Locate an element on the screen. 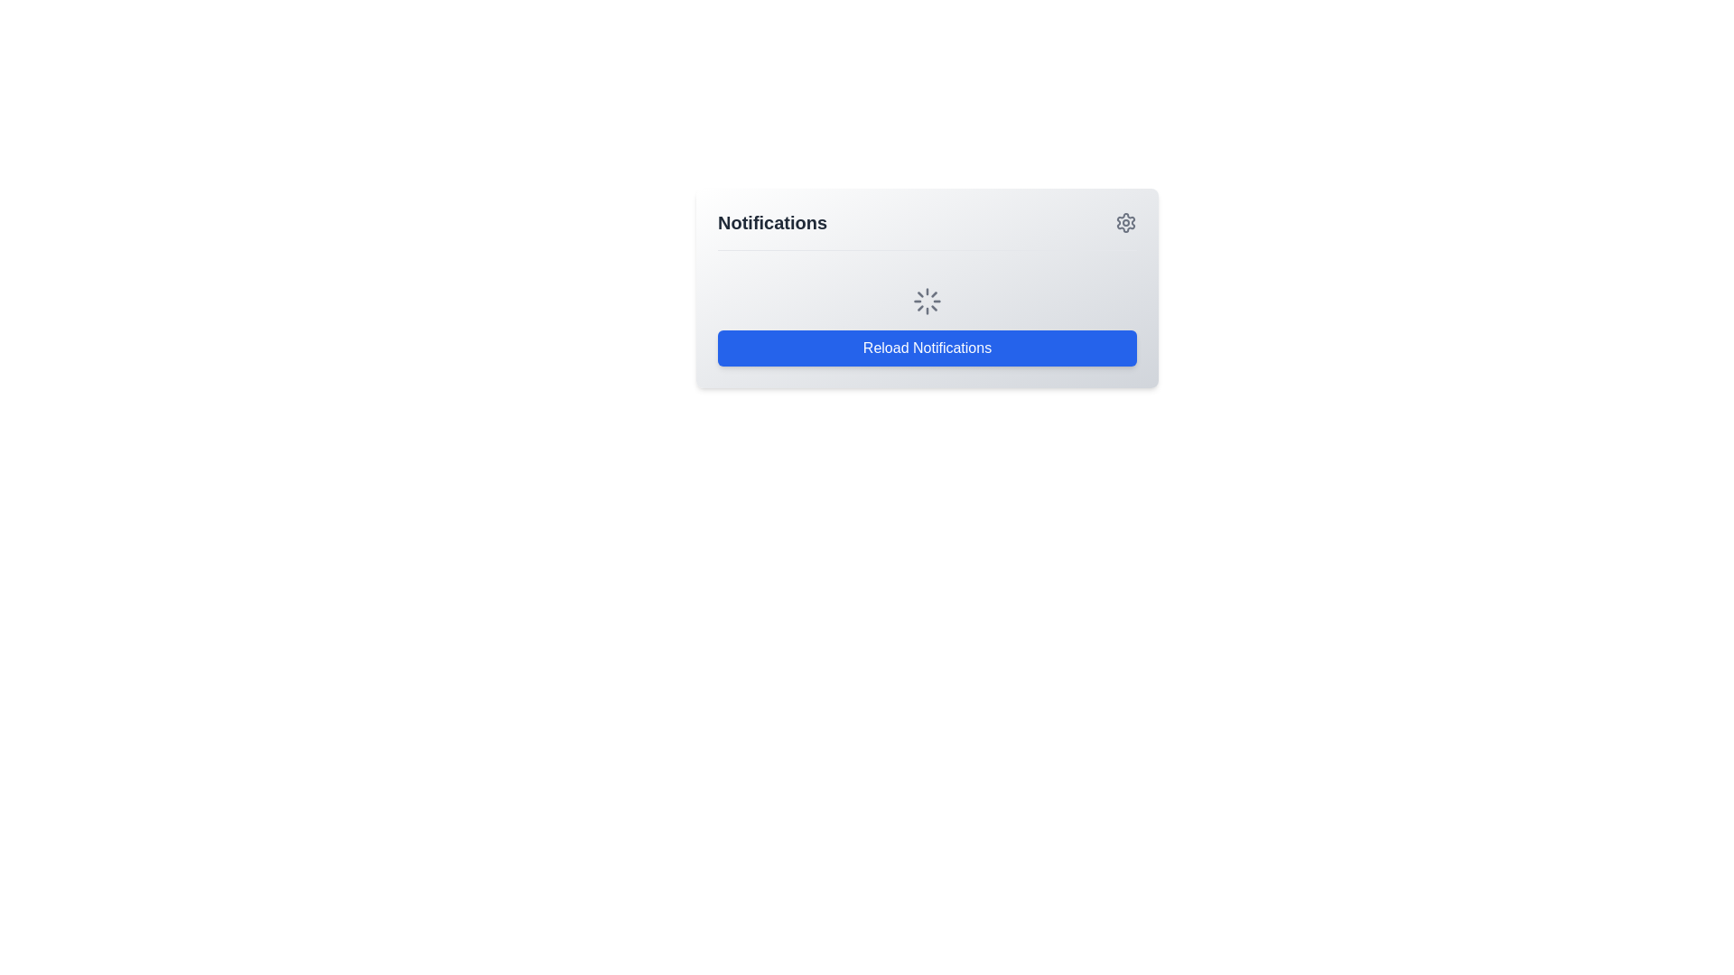  the cogwheel-like settings icon located at the top-right corner of the 'Notifications' modal popup is located at coordinates (1125, 221).